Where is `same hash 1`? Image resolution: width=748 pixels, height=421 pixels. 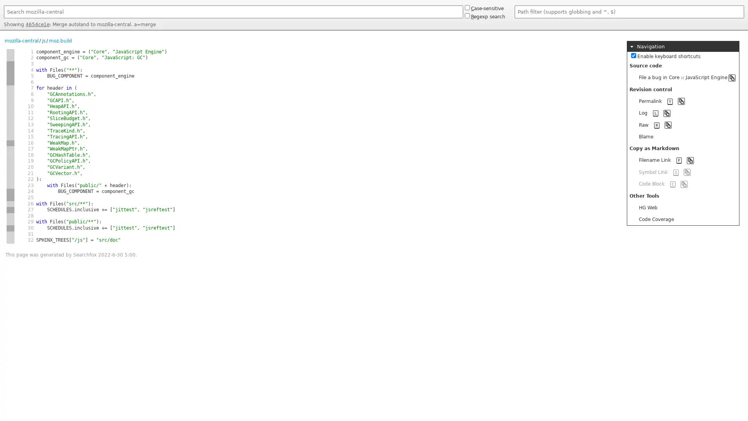
same hash 1 is located at coordinates (11, 94).